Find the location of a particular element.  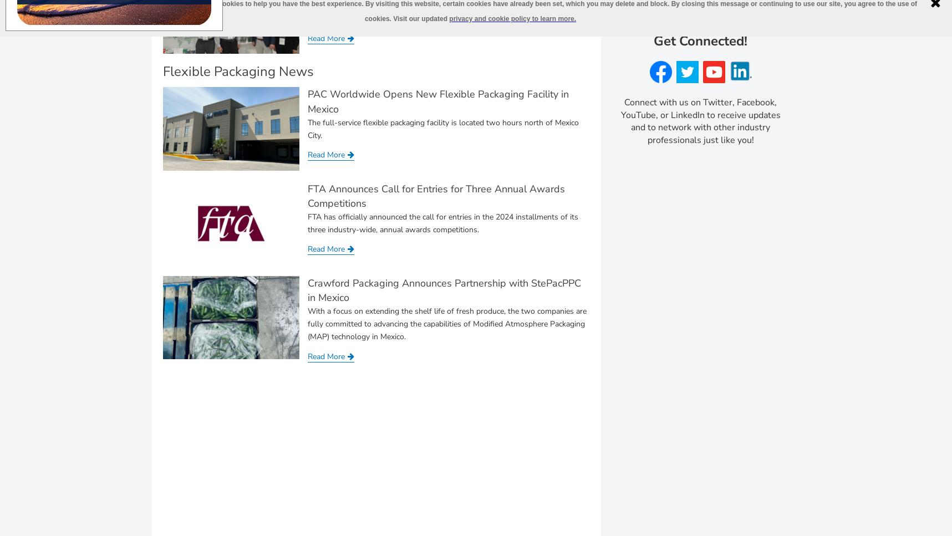

'Both companies have decided to join forces to offer the most innovative and efficient solutions in the flexible and sustainable packaging industry.' is located at coordinates (439, 12).